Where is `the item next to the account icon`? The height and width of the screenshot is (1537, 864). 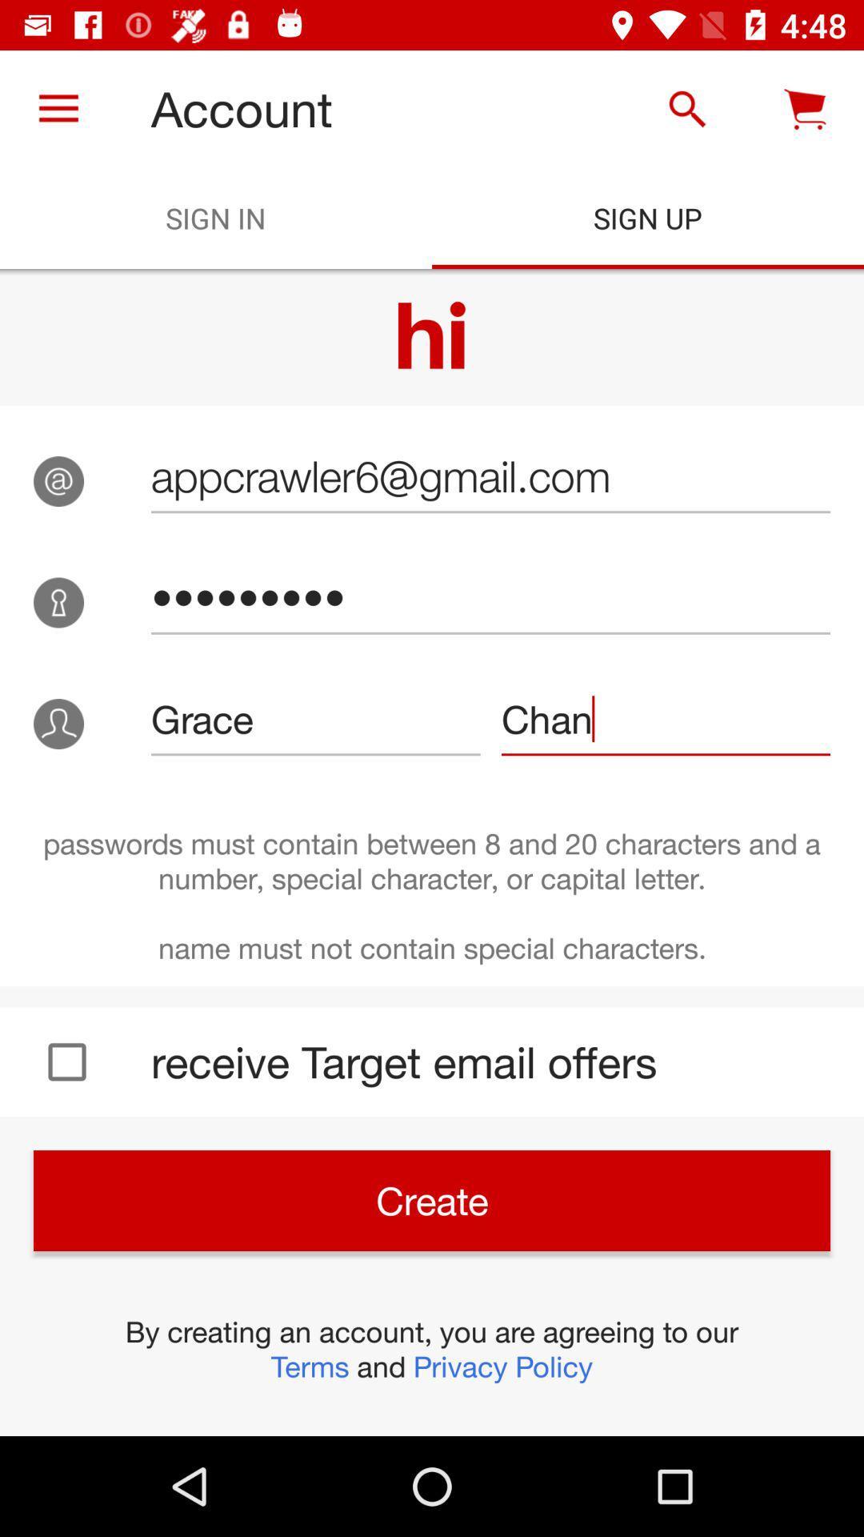 the item next to the account icon is located at coordinates (58, 108).